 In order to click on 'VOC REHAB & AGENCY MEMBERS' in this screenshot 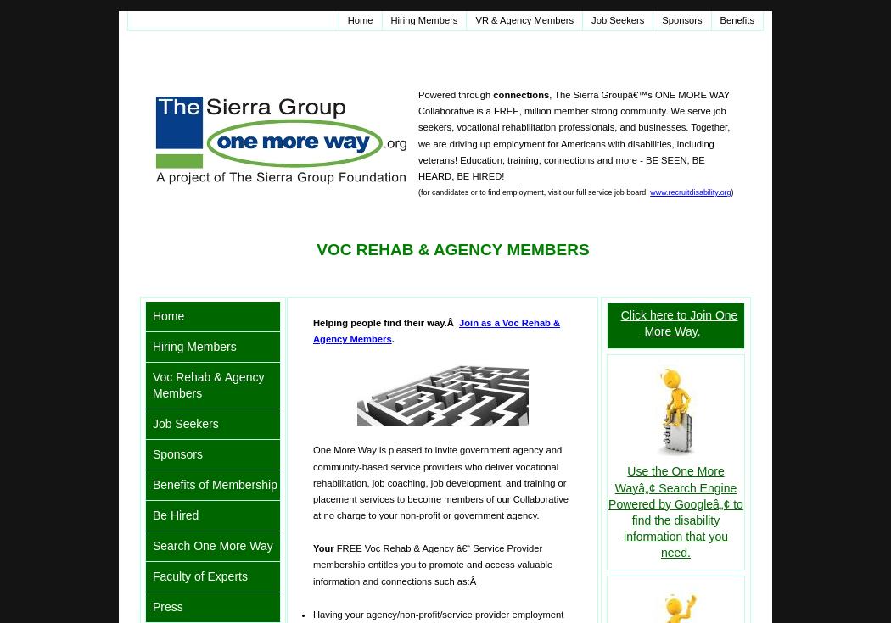, I will do `click(315, 249)`.